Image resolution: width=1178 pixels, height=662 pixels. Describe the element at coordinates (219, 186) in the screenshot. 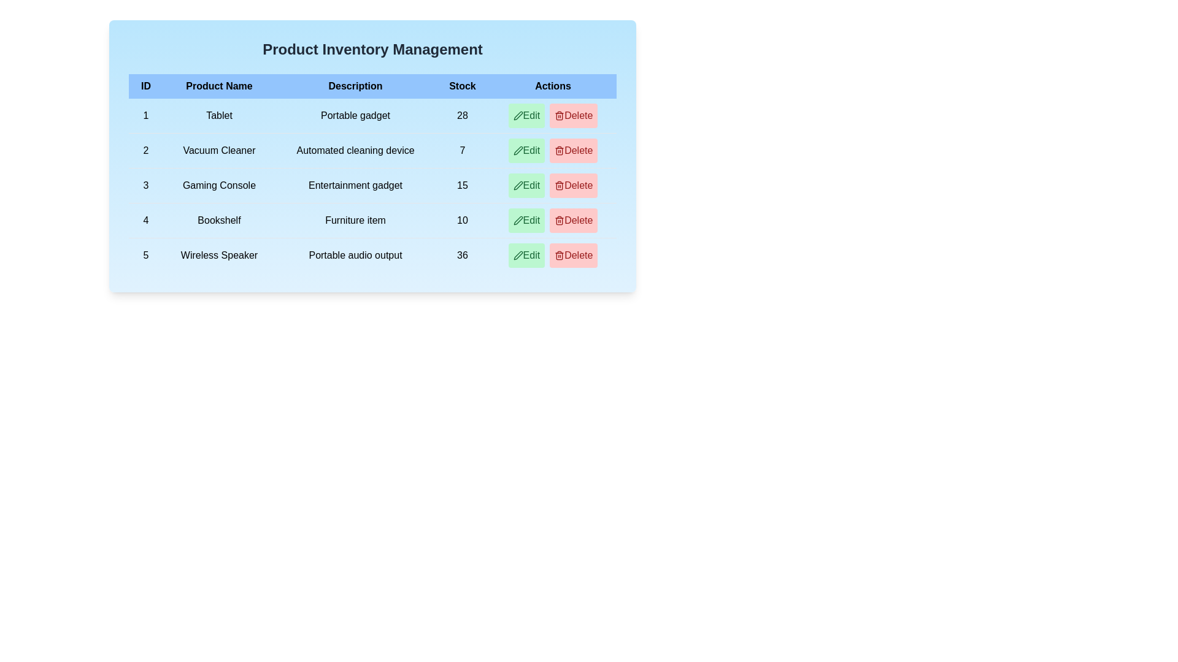

I see `static text element displaying 'Gaming Console' located in the second column of the table under the 'Product Name' heading` at that location.